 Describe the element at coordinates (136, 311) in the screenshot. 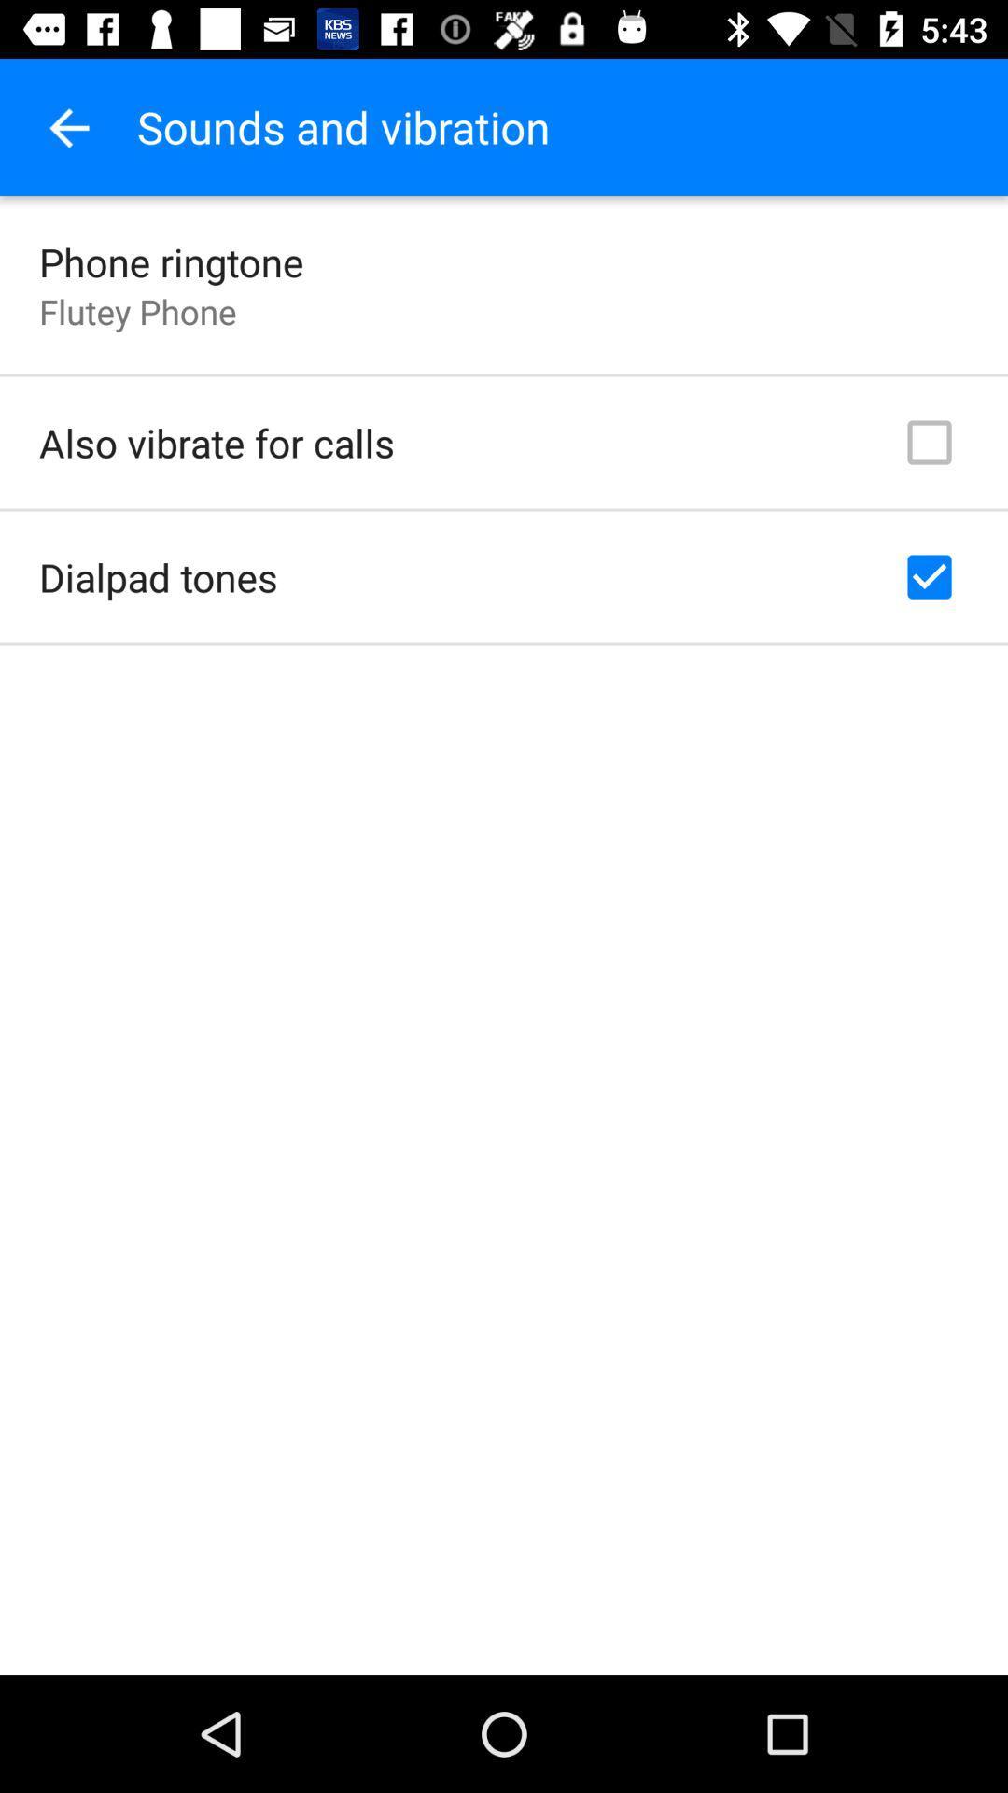

I see `icon below phone ringtone item` at that location.